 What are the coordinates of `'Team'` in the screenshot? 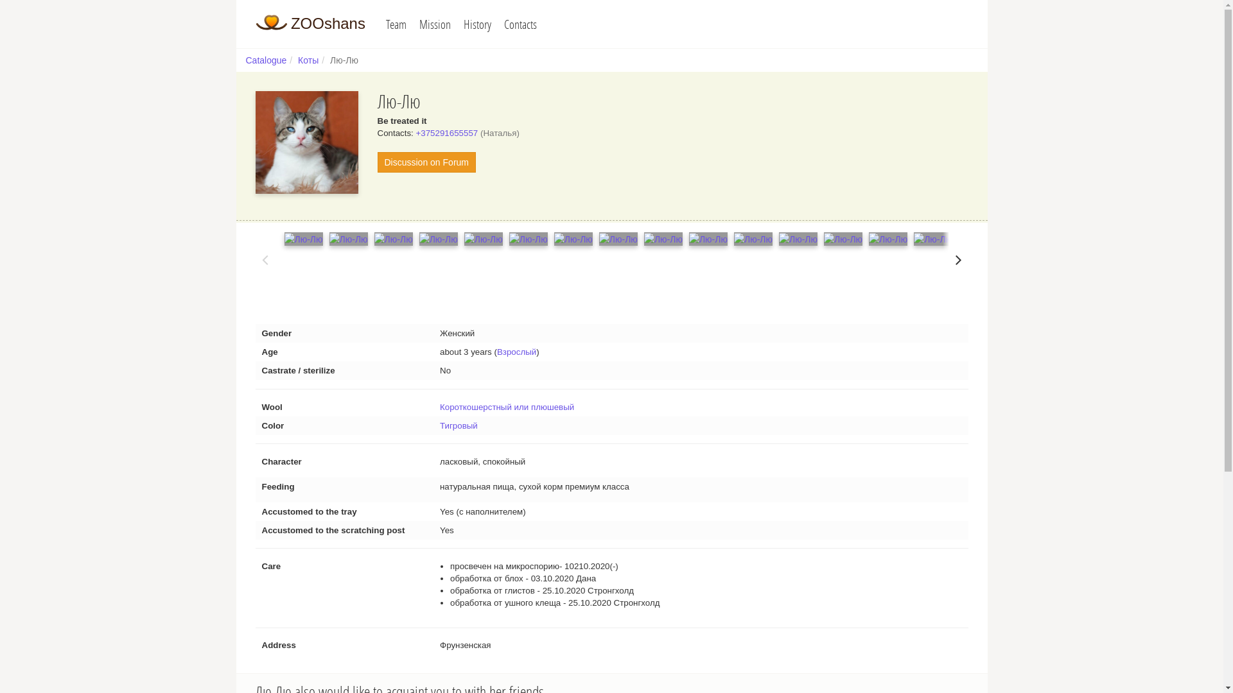 It's located at (396, 24).